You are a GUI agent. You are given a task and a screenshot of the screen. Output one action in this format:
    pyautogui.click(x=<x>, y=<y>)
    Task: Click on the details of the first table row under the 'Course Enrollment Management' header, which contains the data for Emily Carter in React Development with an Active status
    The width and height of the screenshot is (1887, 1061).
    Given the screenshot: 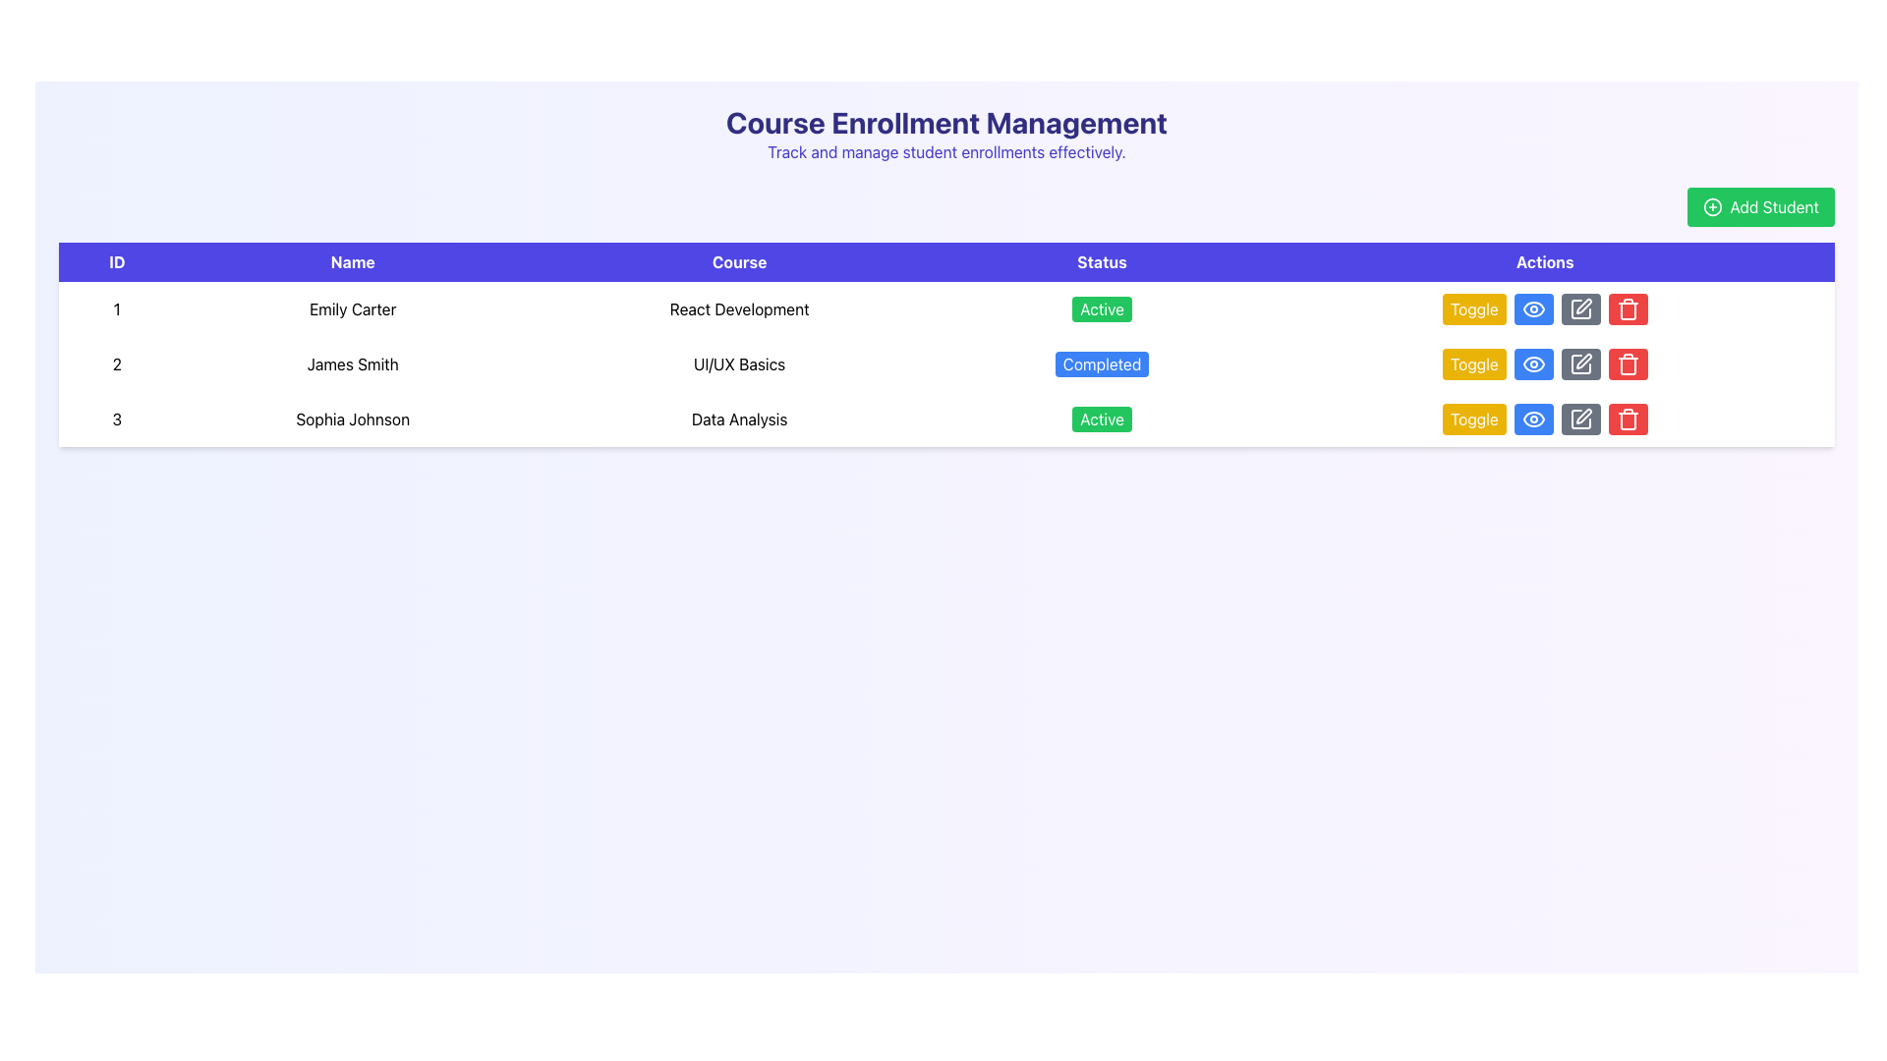 What is the action you would take?
    pyautogui.click(x=946, y=309)
    